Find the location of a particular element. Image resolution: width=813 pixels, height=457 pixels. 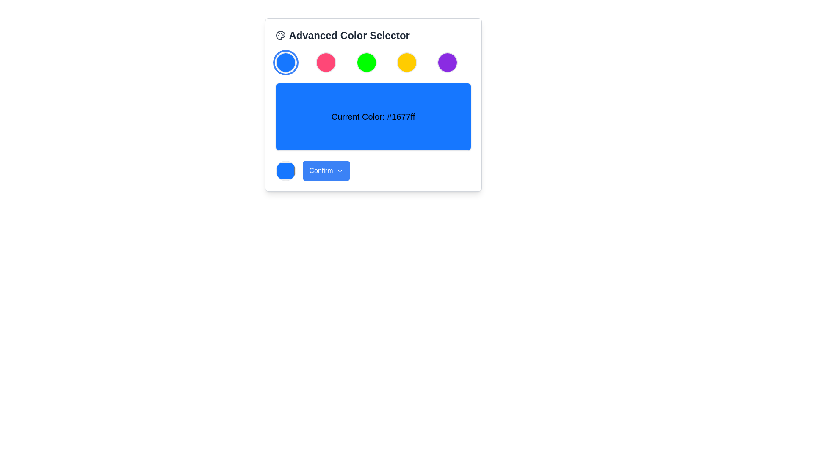

the circular button with a purple background located at the rightmost side of the row in the 'Advanced Color Selector' section to observe the scaling effect is located at coordinates (447, 62).